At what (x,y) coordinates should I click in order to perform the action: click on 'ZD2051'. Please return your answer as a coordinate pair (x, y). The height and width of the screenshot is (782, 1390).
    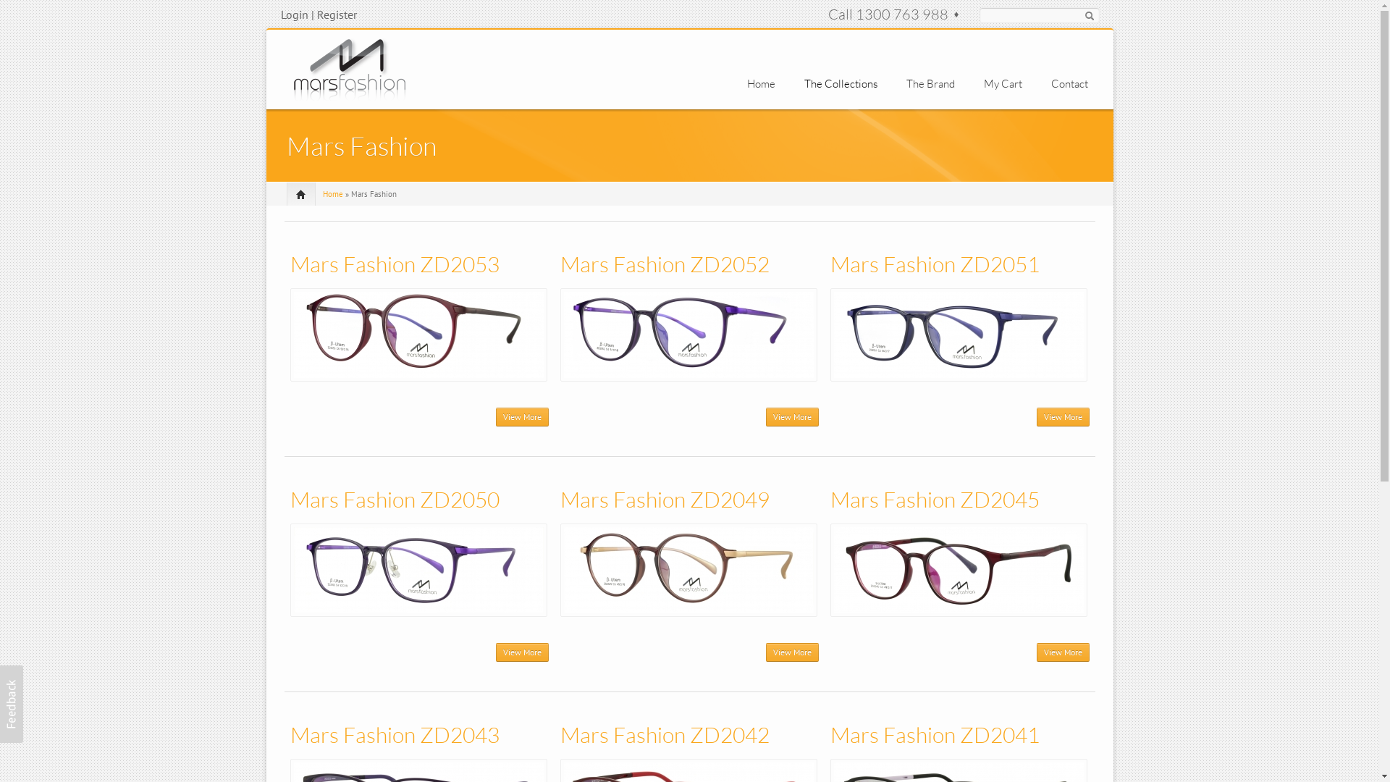
    Looking at the image, I should click on (959, 335).